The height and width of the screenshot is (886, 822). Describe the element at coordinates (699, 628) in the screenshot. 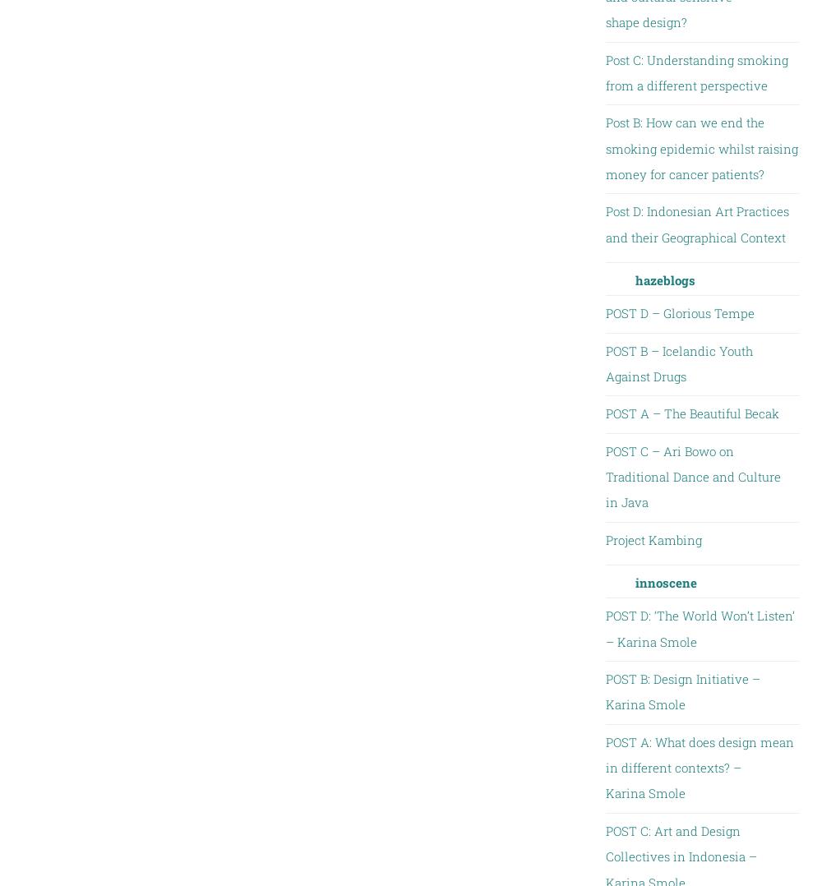

I see `'POST D: ‘The World Won’t Listen’ – Karina Smole'` at that location.